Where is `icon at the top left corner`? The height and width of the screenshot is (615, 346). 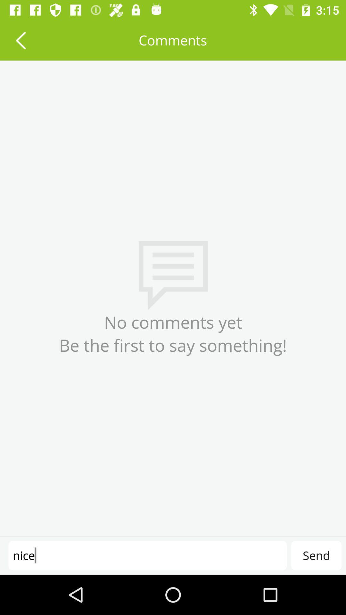 icon at the top left corner is located at coordinates (20, 40).